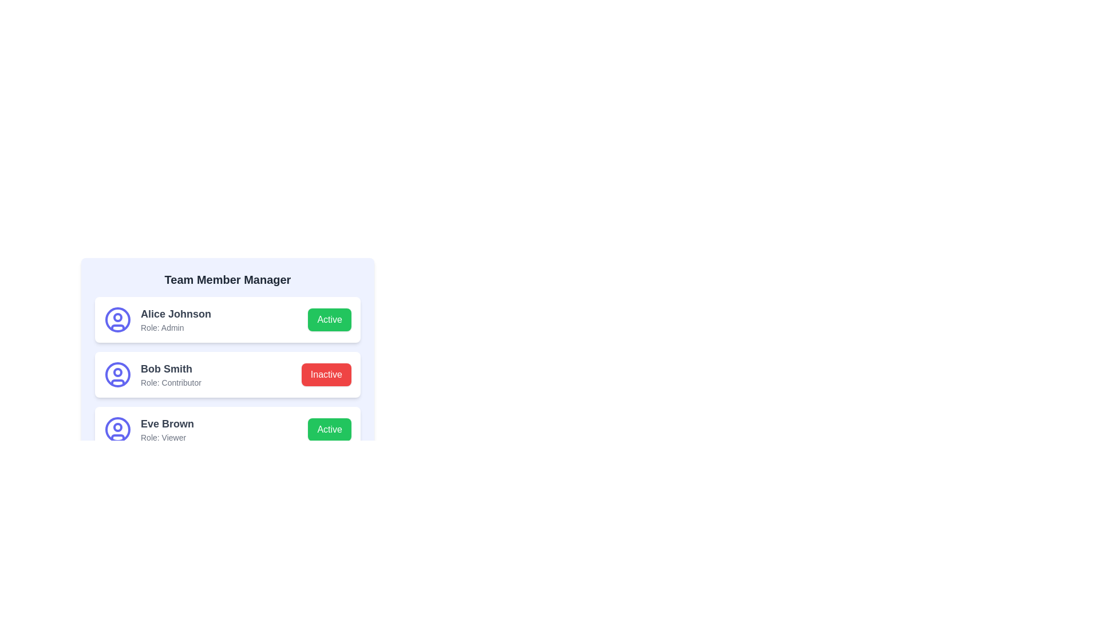  What do you see at coordinates (175, 328) in the screenshot?
I see `the static text label displaying 'Role: Admin' which is located below the name 'Alice Johnson' in the user role card` at bounding box center [175, 328].